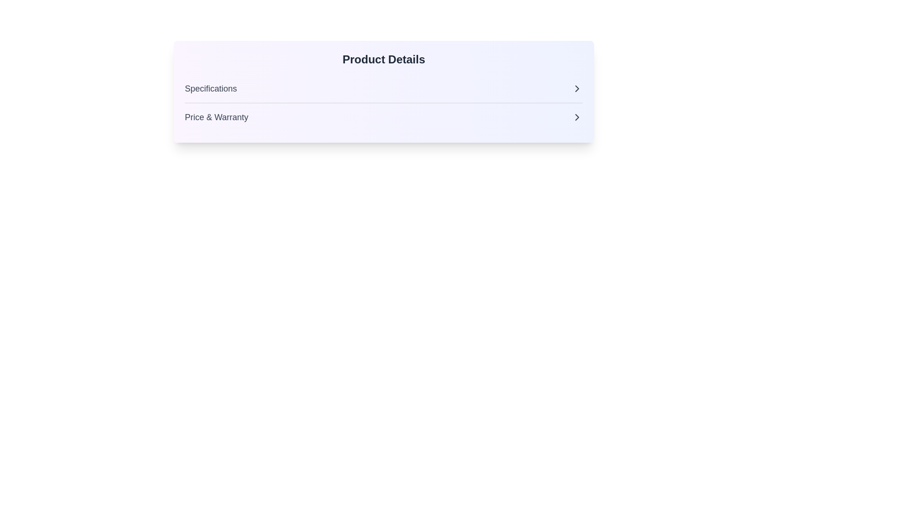 This screenshot has width=901, height=507. I want to click on text of the Label/Text Element that serves as a title or label for a subsection under 'Product Details', located below the 'Specifications' entry, so click(216, 117).